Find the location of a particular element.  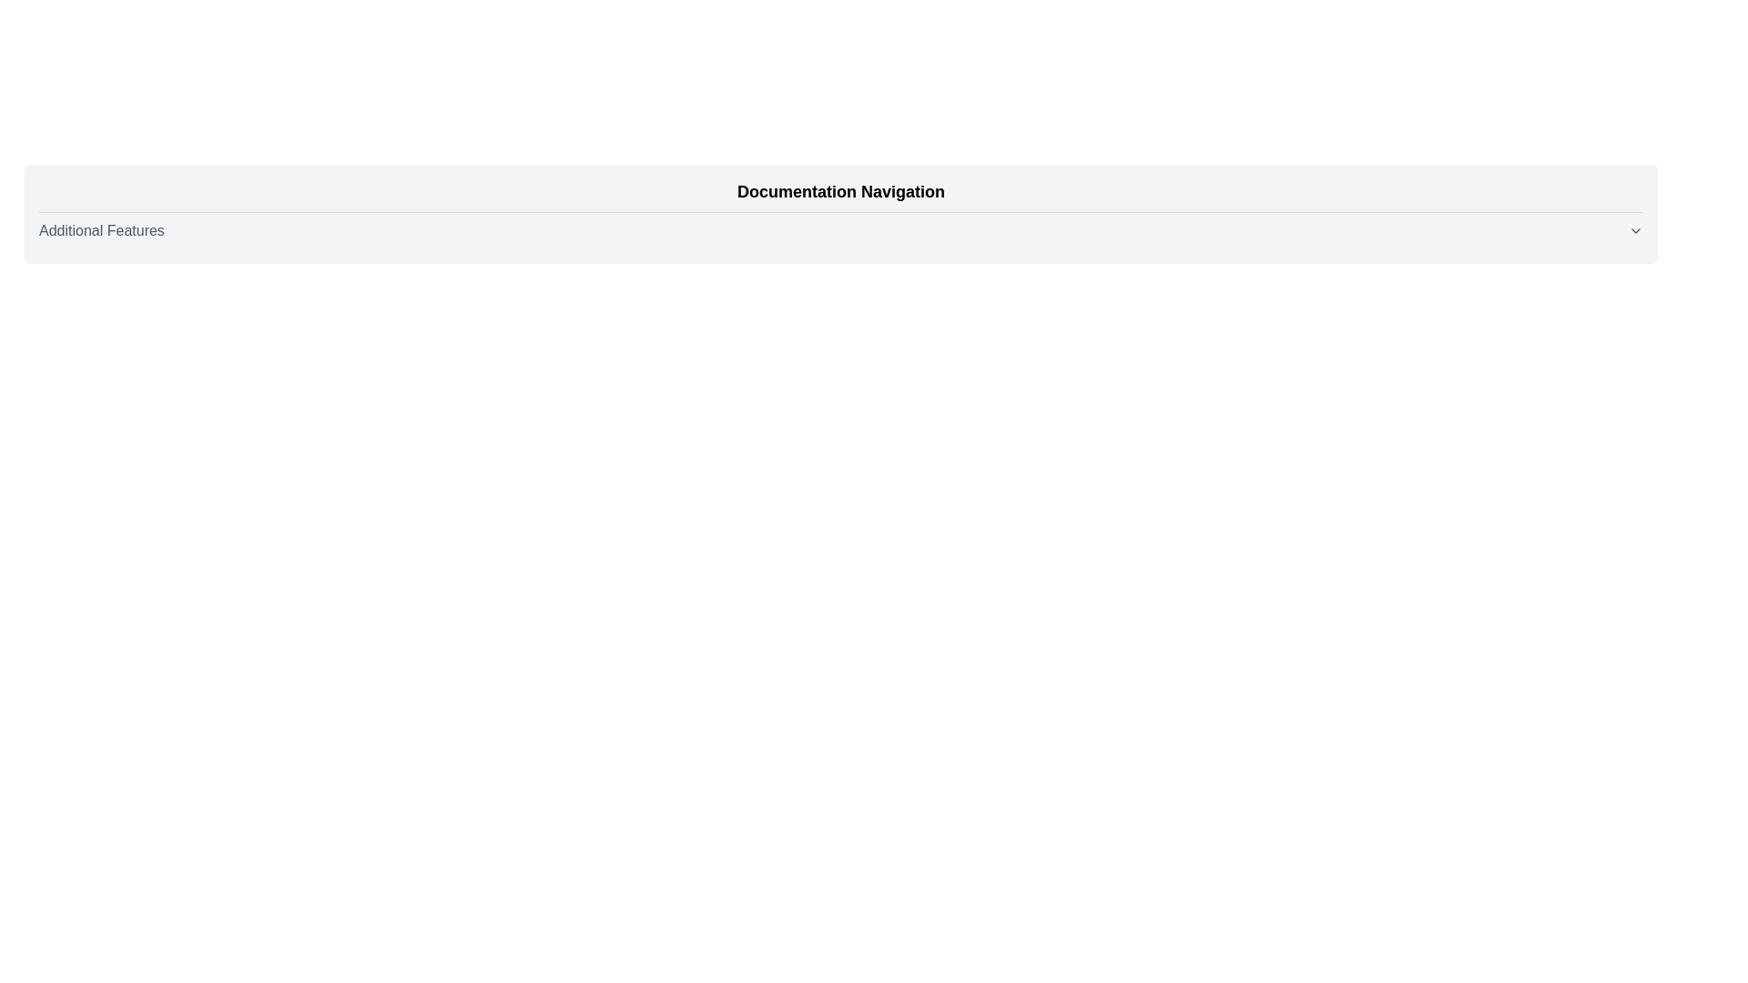

the 'Documentation Navigation' text element, which is prominently displayed in a bold, large font within a rounded-corner card, to infer the purpose of the section is located at coordinates (840, 192).